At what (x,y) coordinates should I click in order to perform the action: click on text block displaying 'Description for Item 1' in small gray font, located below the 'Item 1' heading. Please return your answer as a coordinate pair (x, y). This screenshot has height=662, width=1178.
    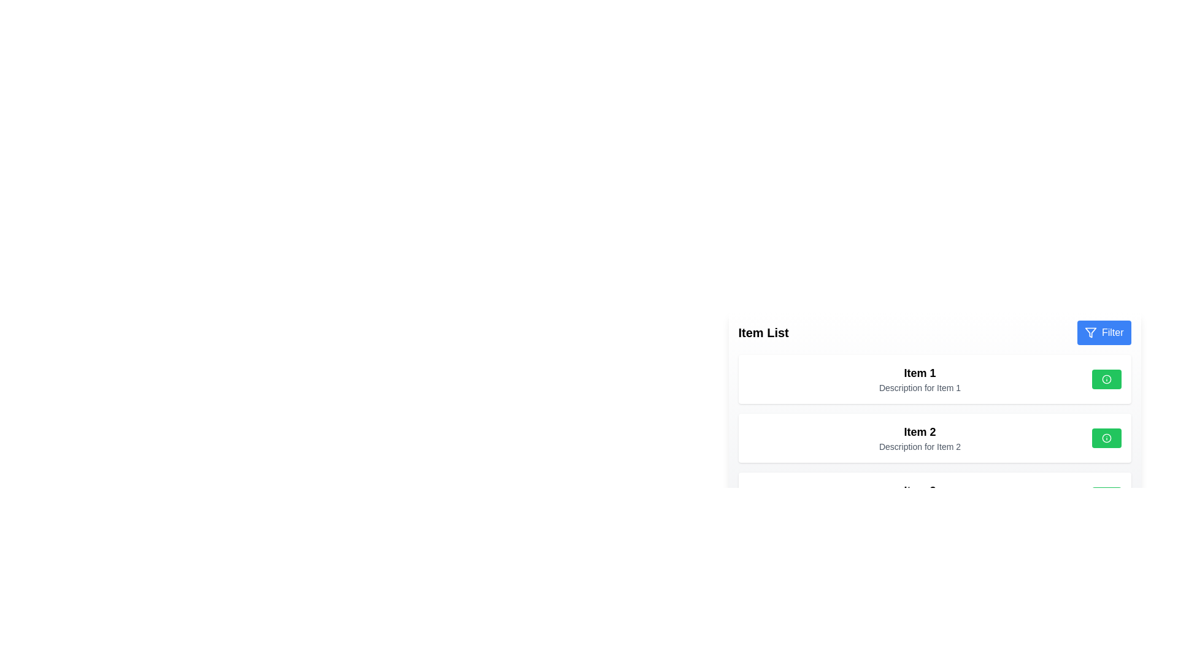
    Looking at the image, I should click on (920, 387).